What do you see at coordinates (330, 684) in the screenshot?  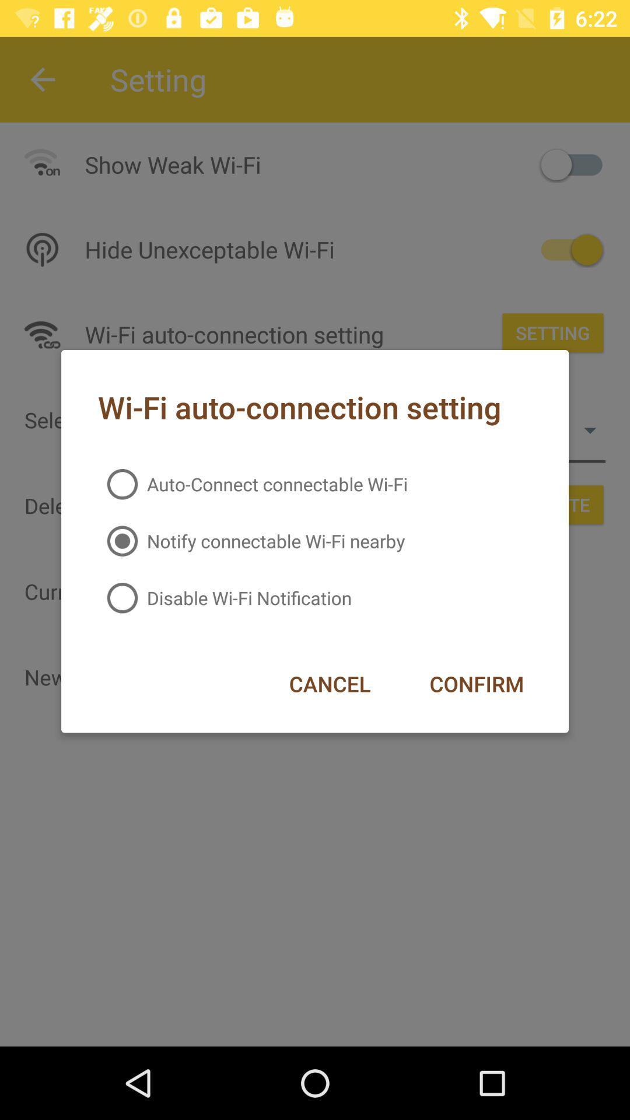 I see `icon to the left of the confirm icon` at bounding box center [330, 684].